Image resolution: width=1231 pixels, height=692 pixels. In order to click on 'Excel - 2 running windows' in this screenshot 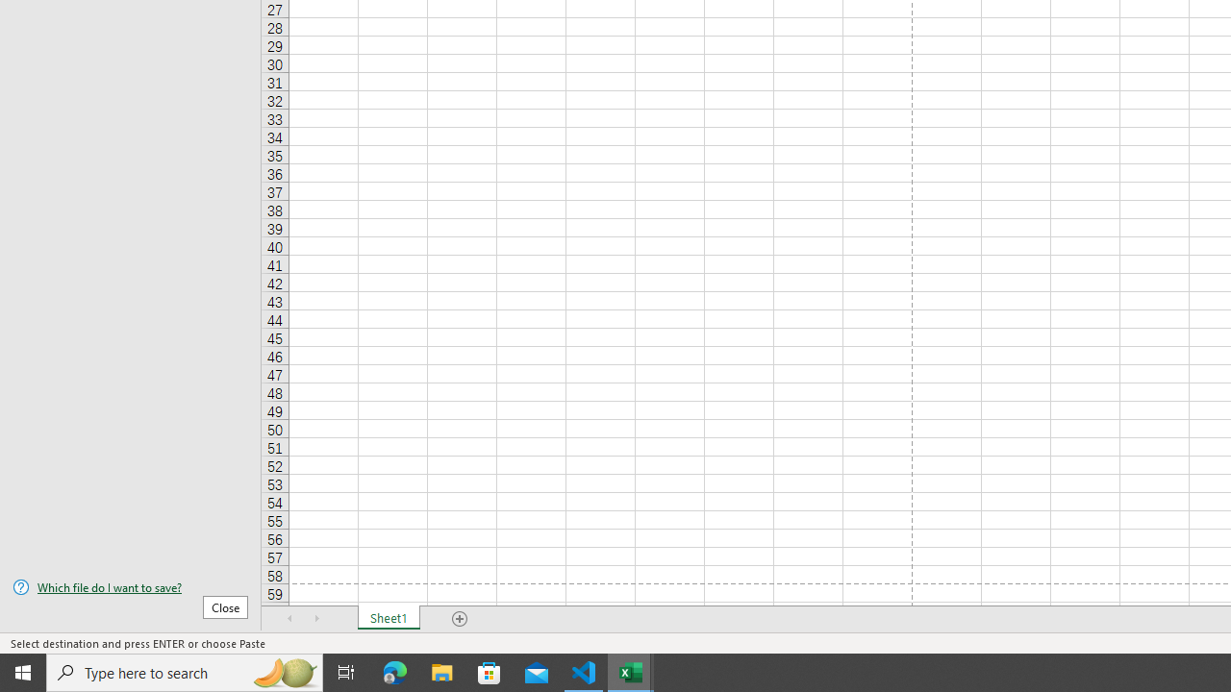, I will do `click(631, 671)`.